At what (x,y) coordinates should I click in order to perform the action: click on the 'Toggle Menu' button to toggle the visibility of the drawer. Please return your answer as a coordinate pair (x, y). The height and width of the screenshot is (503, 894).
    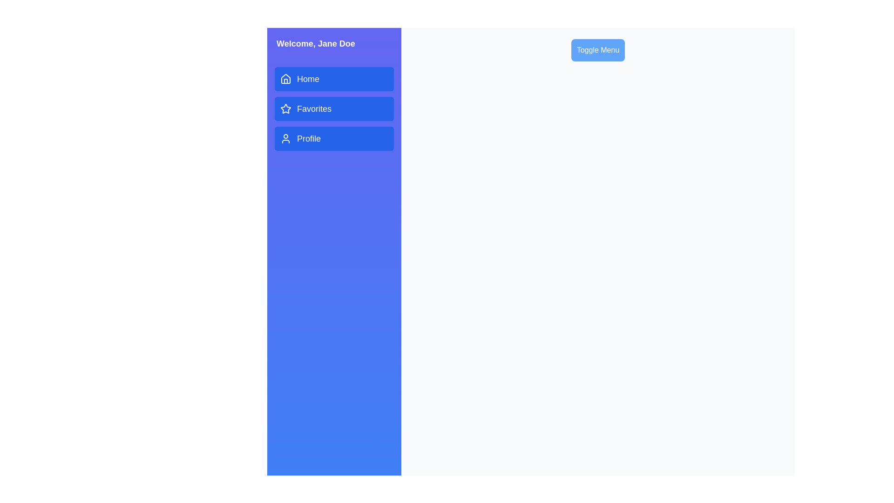
    Looking at the image, I should click on (598, 50).